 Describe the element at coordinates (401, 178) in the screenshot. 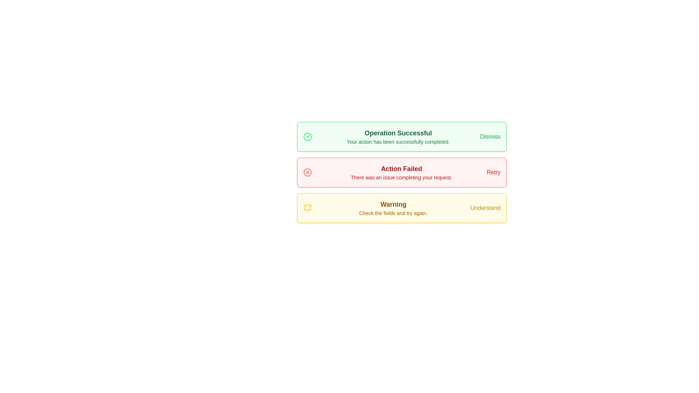

I see `the static text element that reads 'There was an issue completing your request.' styled in red color, which is located below the header 'Action Failed' in a notification indicating an error` at that location.